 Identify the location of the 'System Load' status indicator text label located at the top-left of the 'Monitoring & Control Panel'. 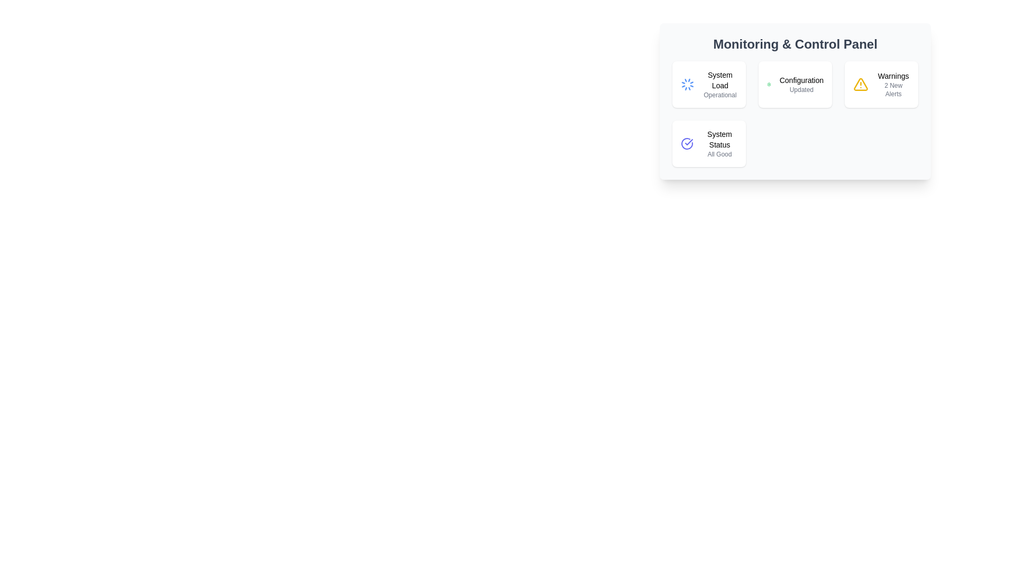
(719, 84).